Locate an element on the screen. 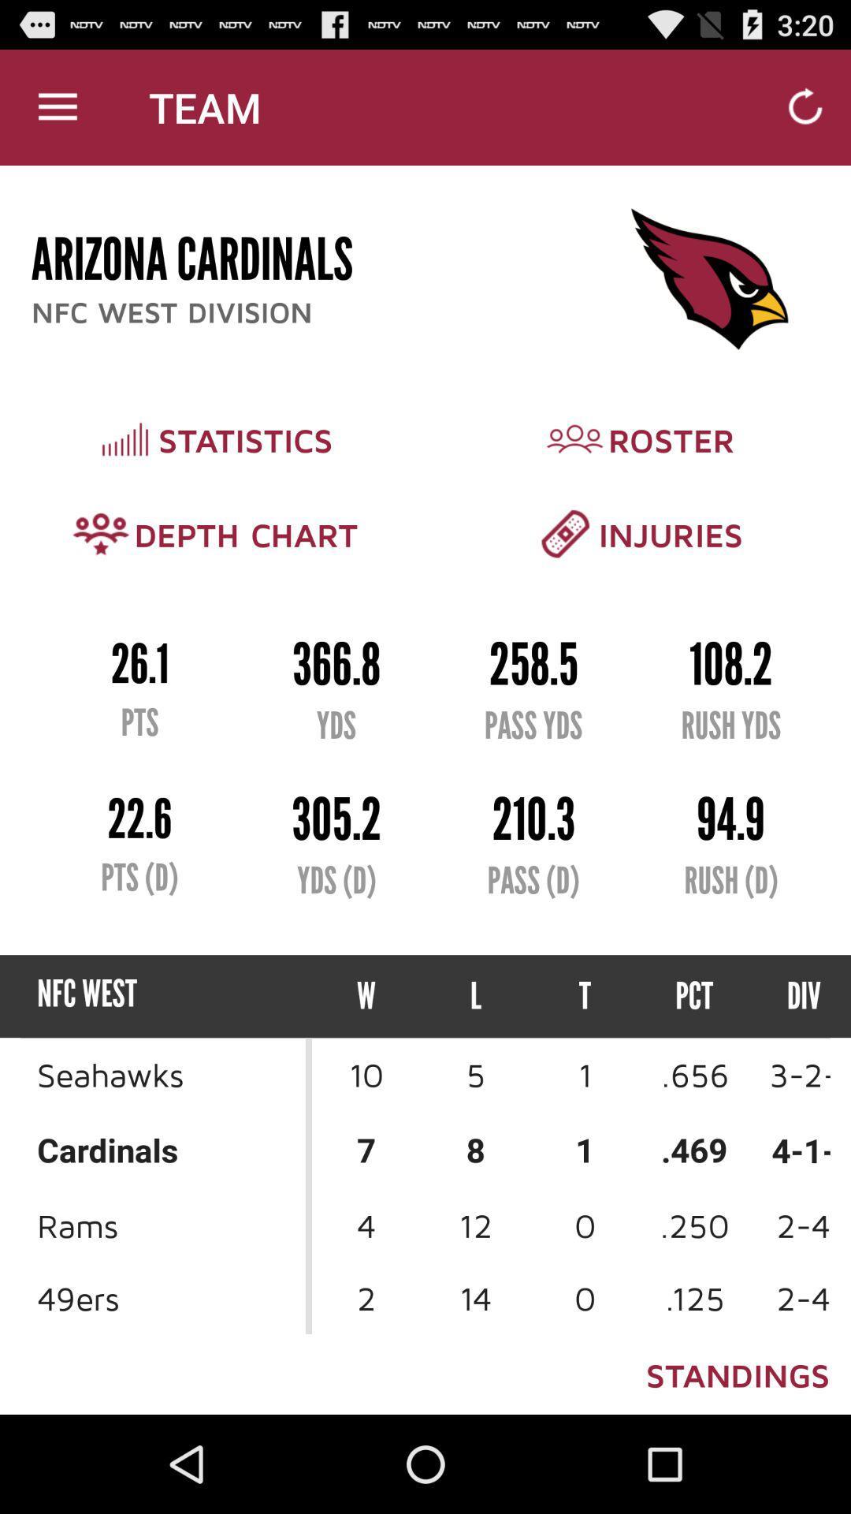  the l icon is located at coordinates (475, 995).